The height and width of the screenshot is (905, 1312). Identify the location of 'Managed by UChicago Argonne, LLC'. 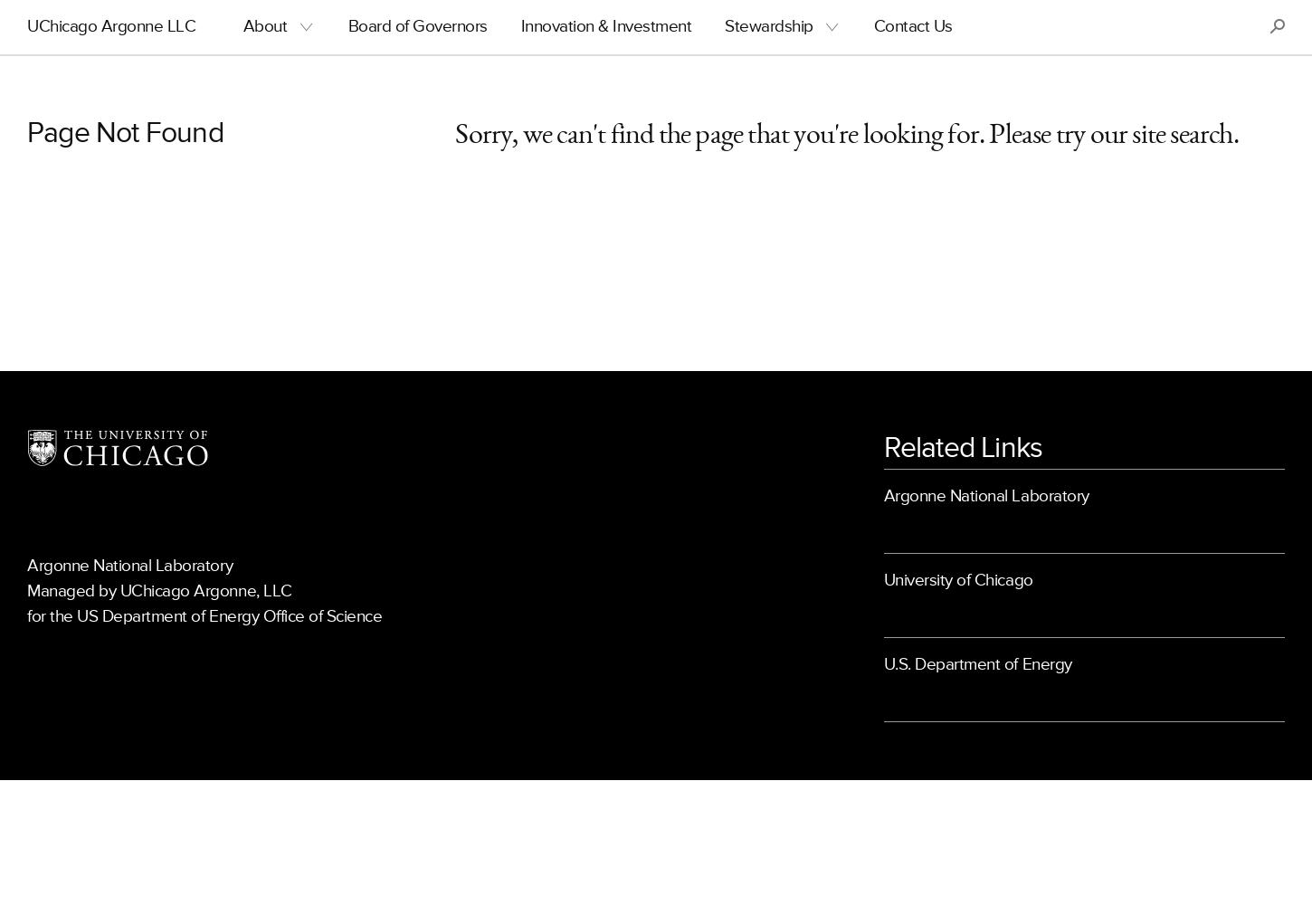
(158, 591).